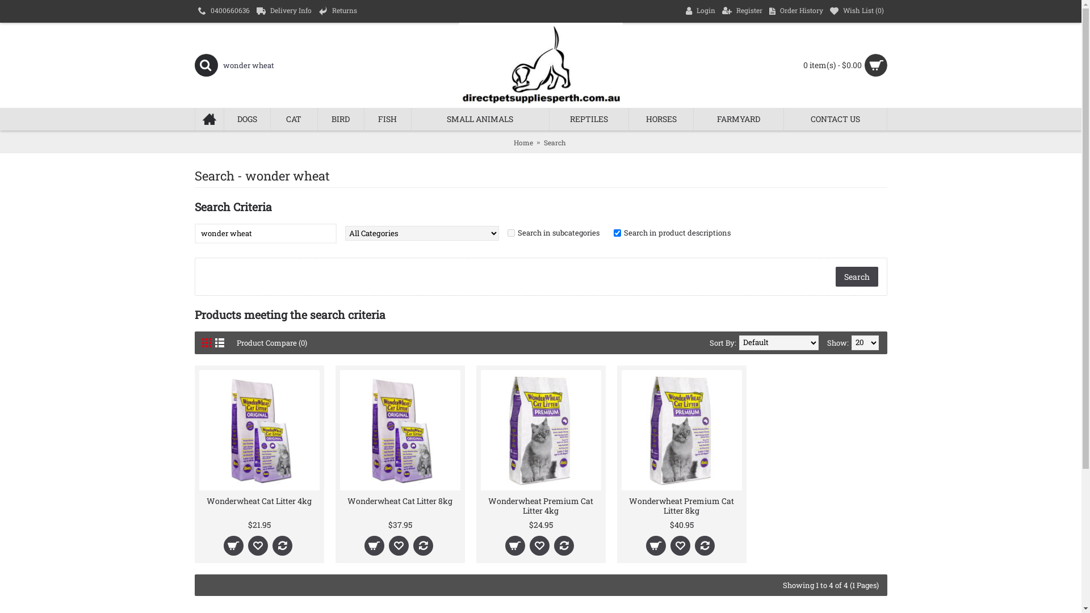 This screenshot has width=1090, height=613. I want to click on 'Returns', so click(337, 11).